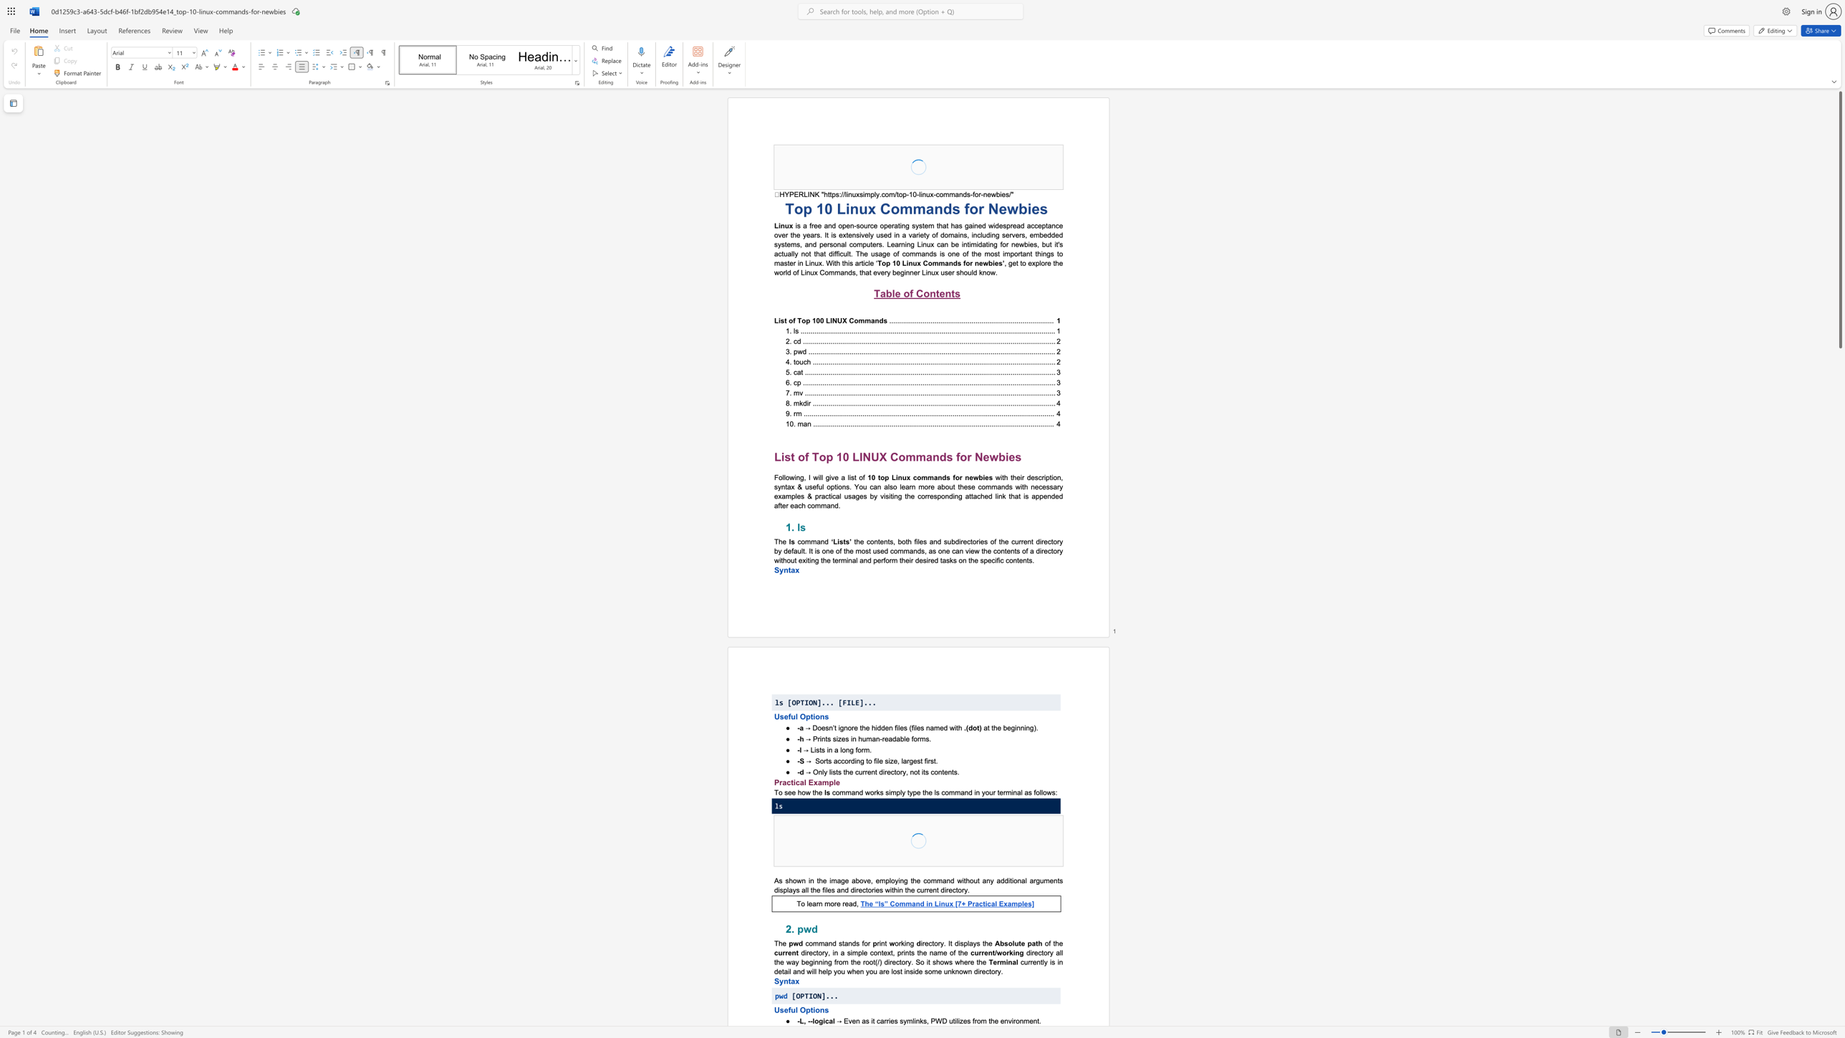  What do you see at coordinates (1839, 744) in the screenshot?
I see `the page's right scrollbar for downward movement` at bounding box center [1839, 744].